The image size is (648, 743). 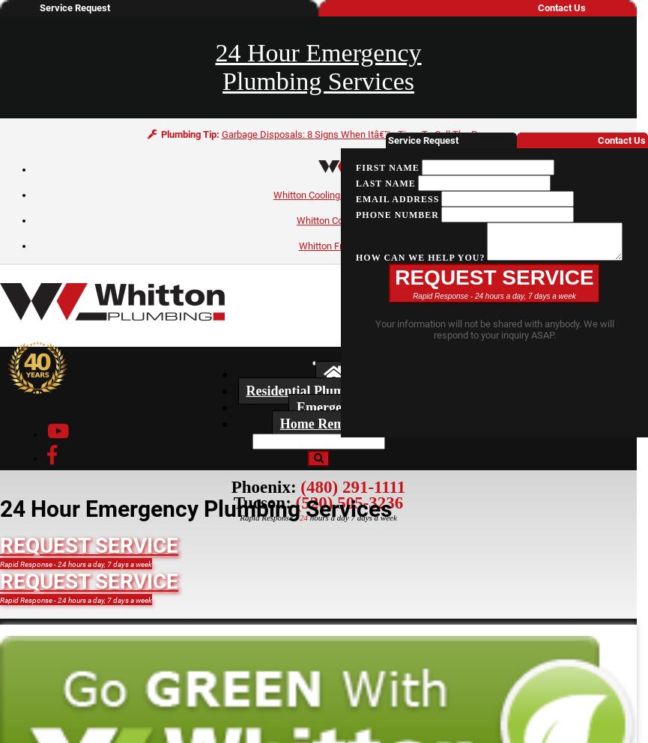 I want to click on '(480) 291-1111', so click(x=351, y=487).